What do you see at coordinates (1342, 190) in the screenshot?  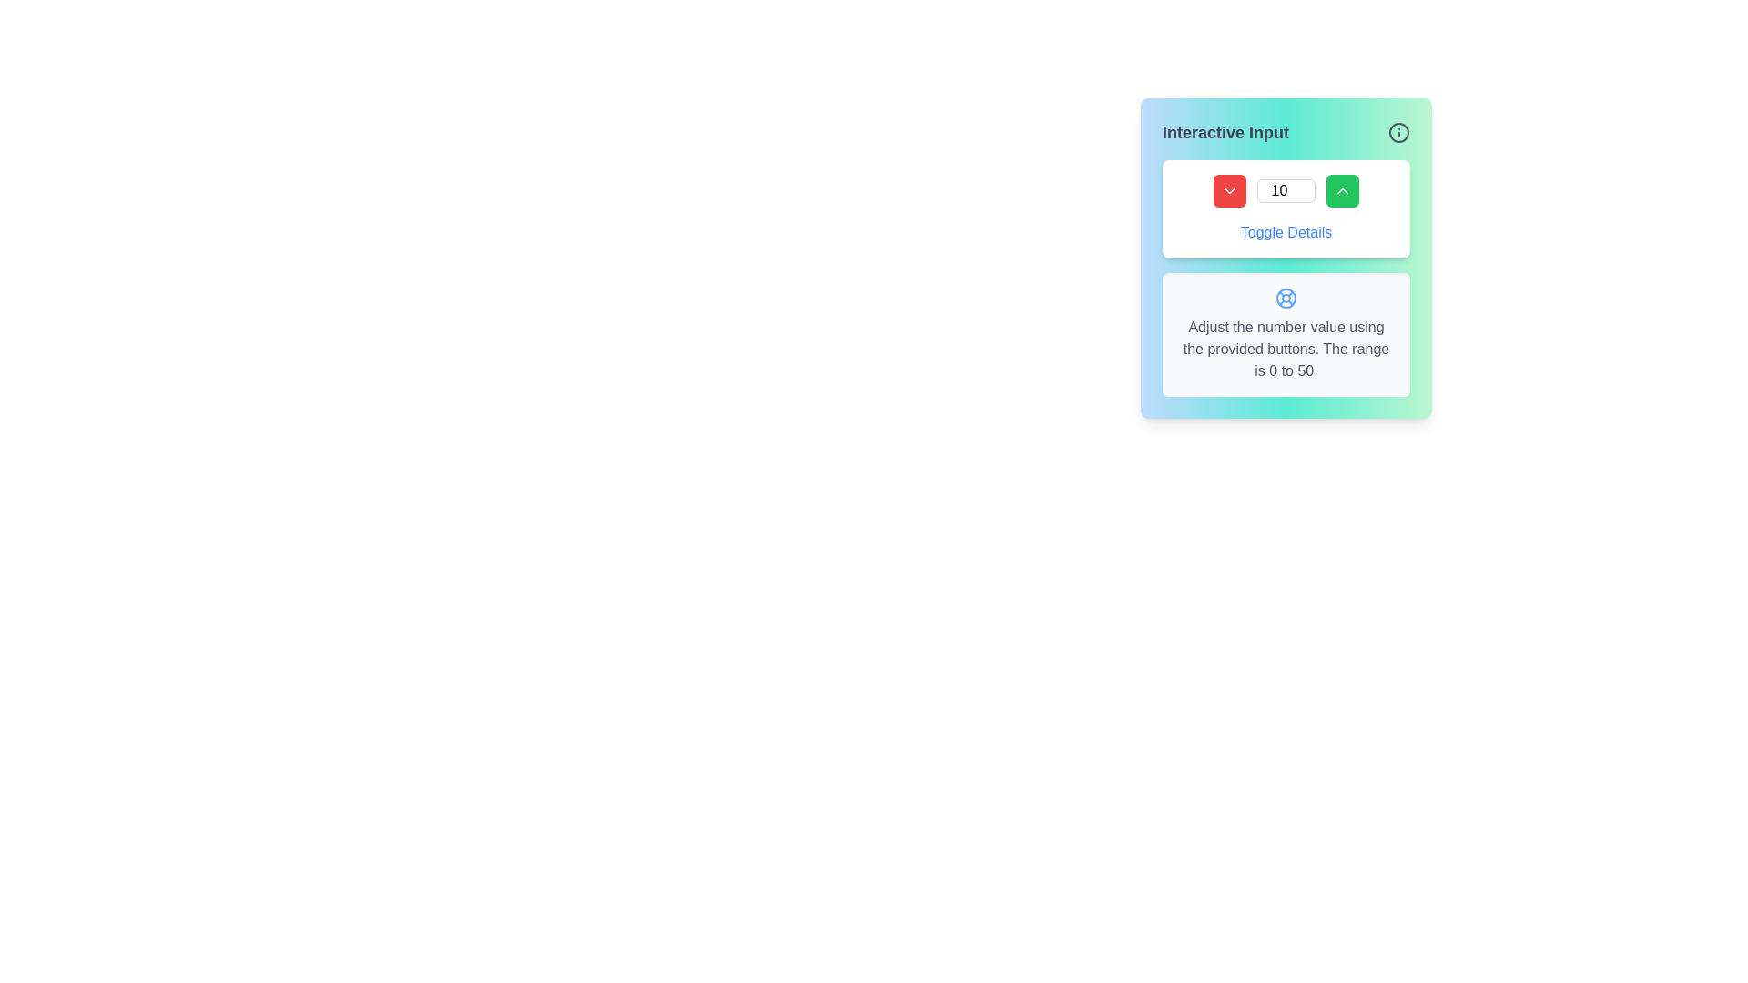 I see `the square button with a green background and white text, which features an upward-pointing chevron icon, to change its appearance` at bounding box center [1342, 190].